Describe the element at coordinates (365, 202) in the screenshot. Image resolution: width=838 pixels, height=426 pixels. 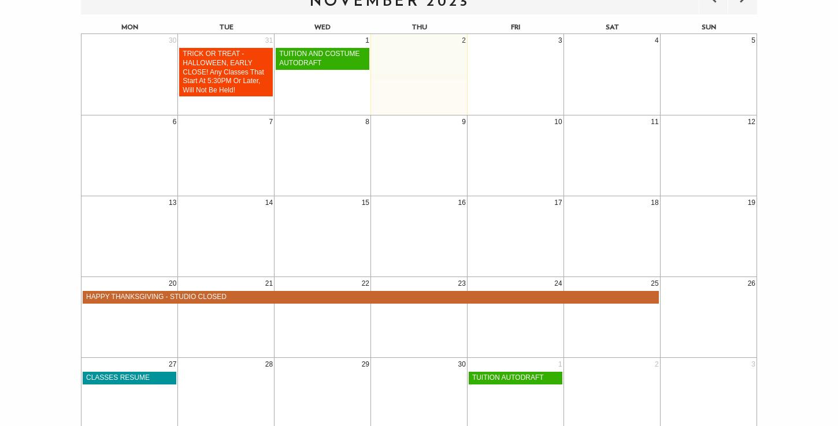
I see `'15'` at that location.